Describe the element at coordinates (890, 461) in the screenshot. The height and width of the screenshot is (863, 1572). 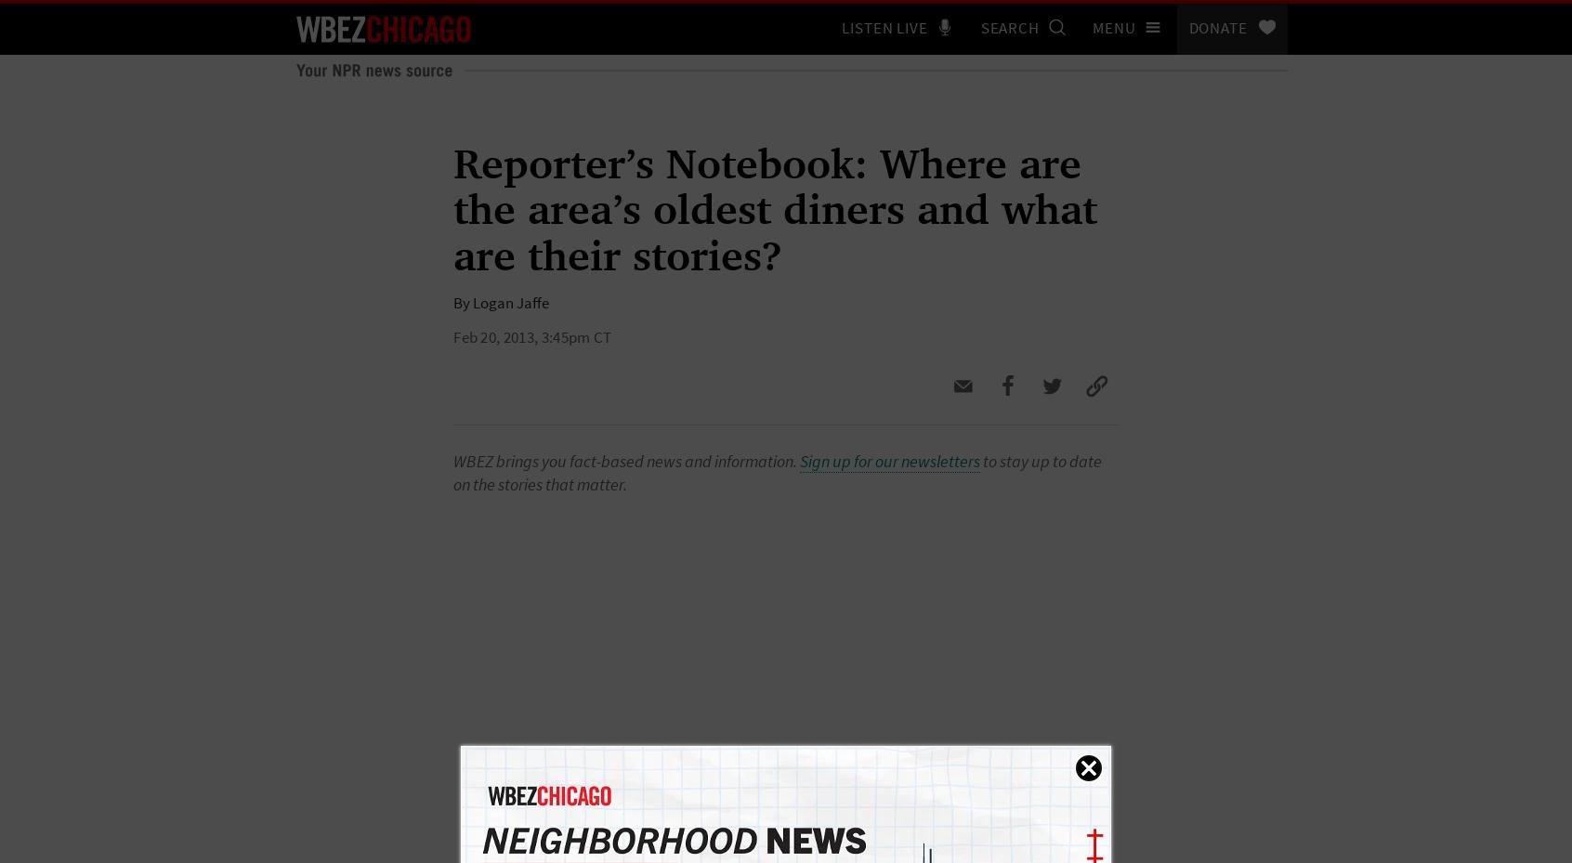
I see `'Sign up for our newsletters'` at that location.